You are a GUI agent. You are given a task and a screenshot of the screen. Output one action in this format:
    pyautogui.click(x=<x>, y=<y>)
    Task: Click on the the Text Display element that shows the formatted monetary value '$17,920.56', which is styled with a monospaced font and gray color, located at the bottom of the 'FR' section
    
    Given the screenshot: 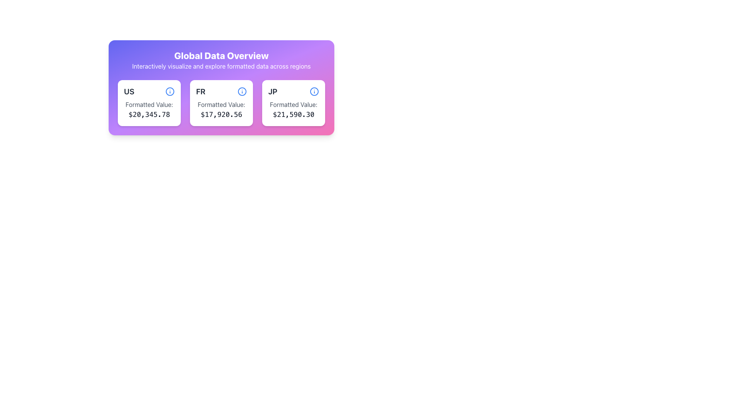 What is the action you would take?
    pyautogui.click(x=221, y=115)
    